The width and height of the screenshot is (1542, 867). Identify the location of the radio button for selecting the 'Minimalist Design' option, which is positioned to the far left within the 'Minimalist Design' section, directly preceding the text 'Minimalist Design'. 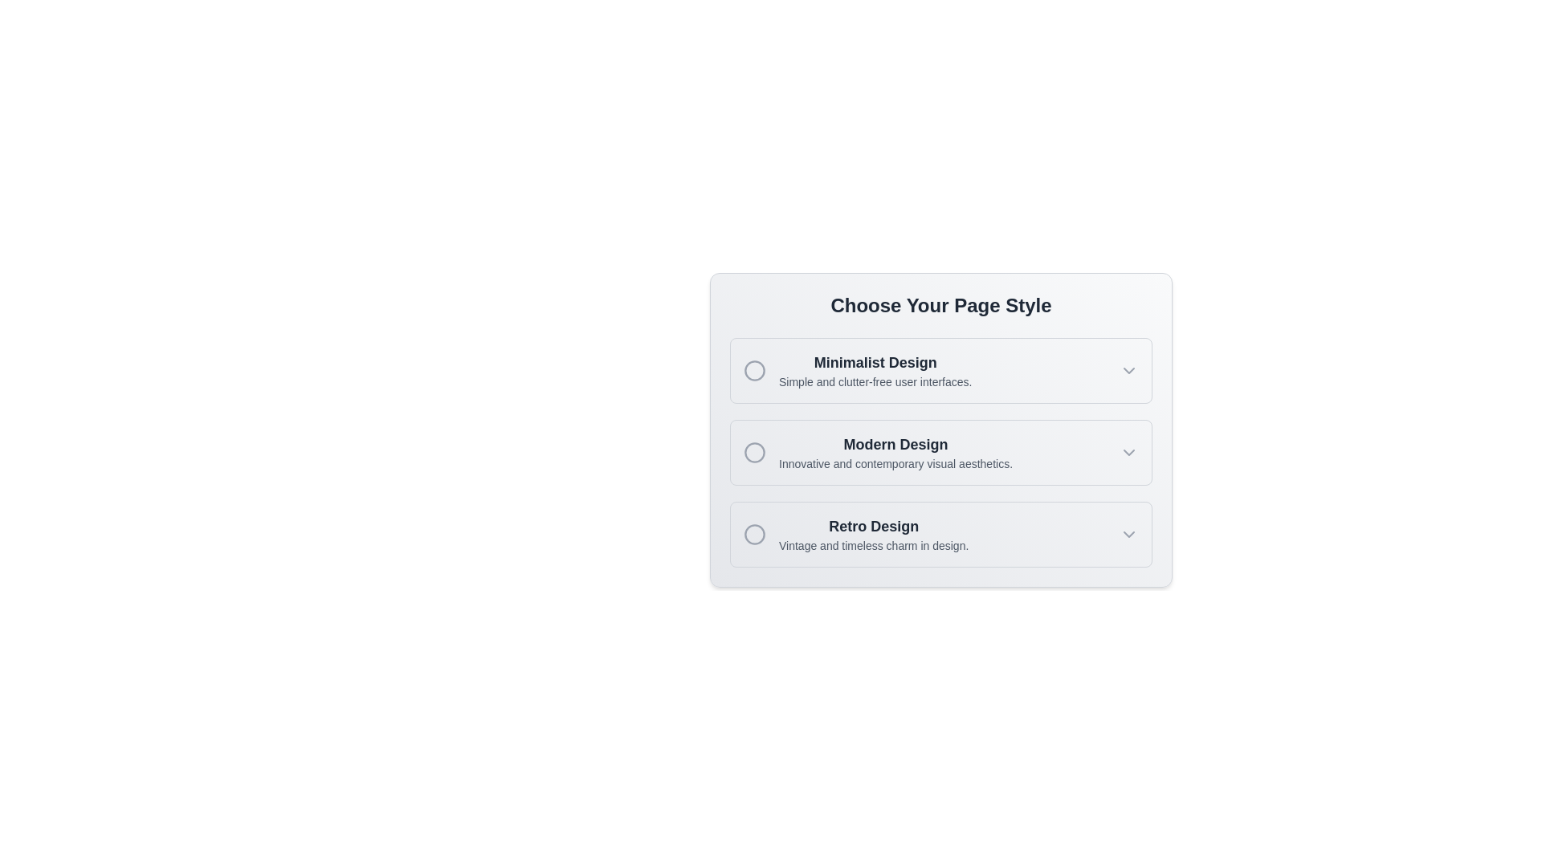
(754, 371).